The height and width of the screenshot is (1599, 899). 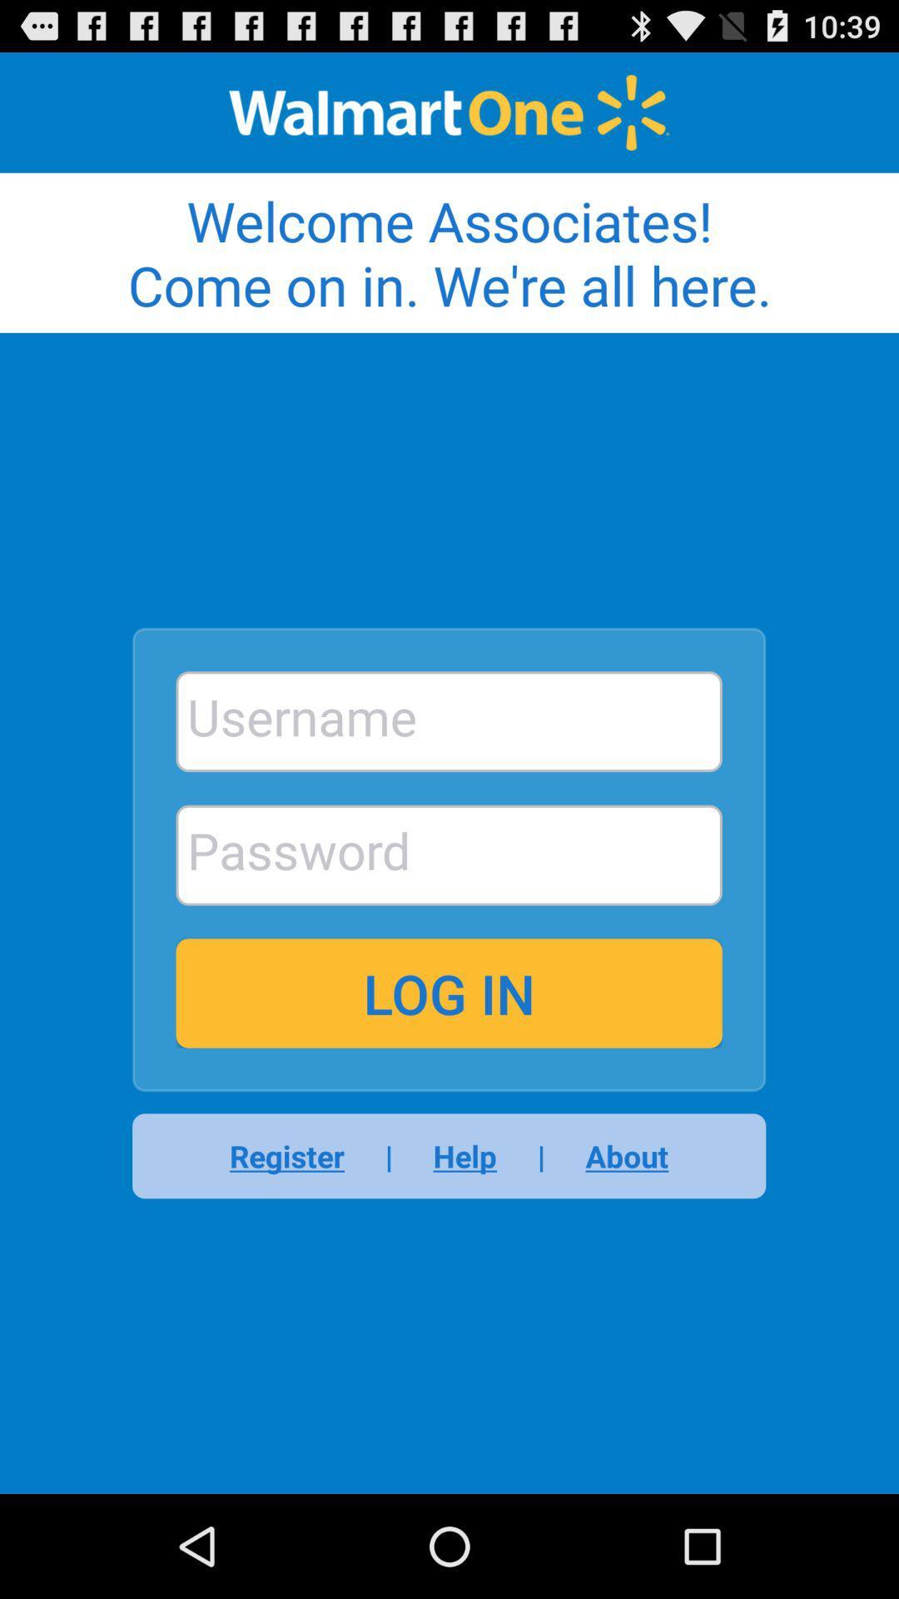 I want to click on the  about  icon, so click(x=616, y=1155).